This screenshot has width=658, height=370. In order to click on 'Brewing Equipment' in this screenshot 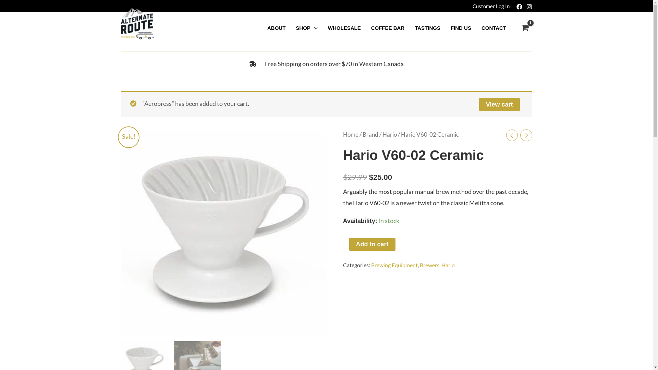, I will do `click(370, 264)`.